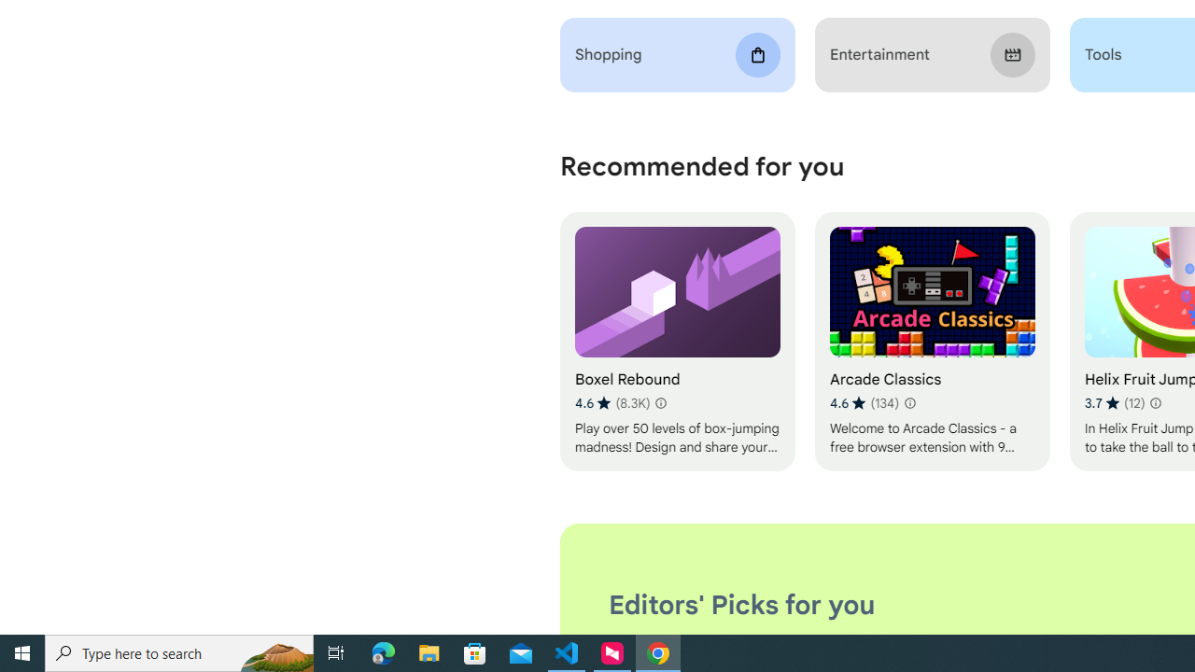  I want to click on 'Learn more about results and reviews "Arcade Classics"', so click(909, 402).